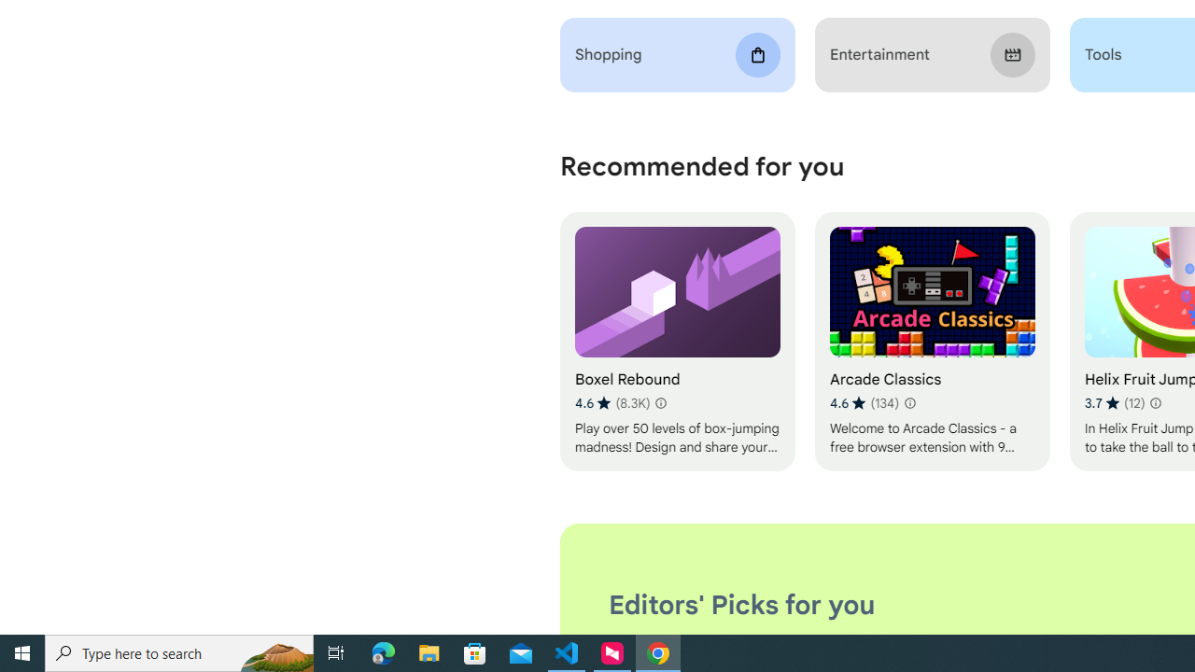  I want to click on 'Learn more about results and reviews "Arcade Classics"', so click(909, 402).